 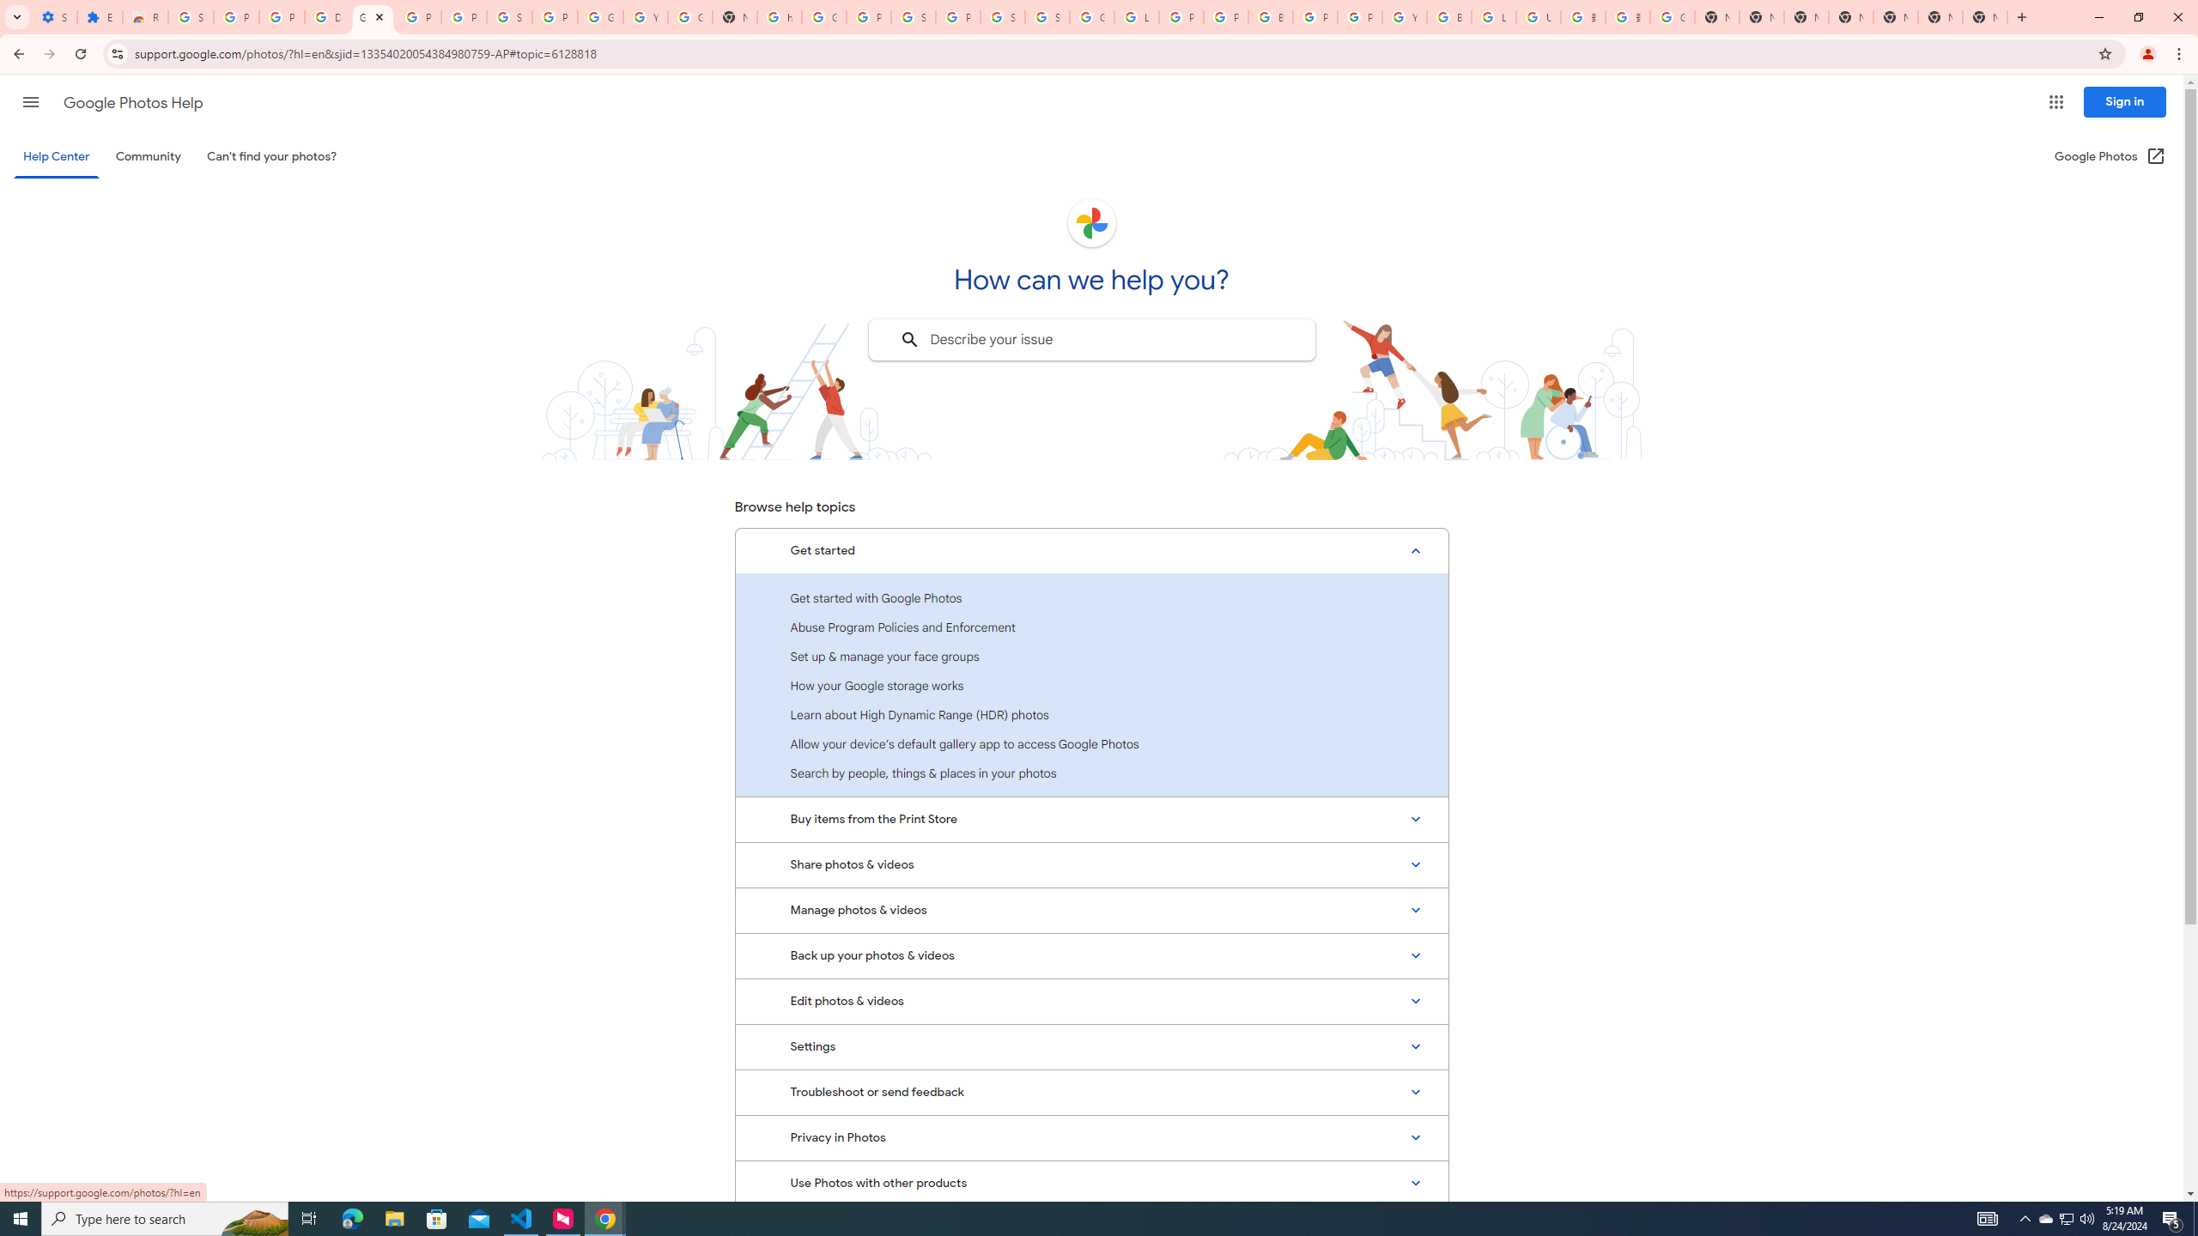 I want to click on 'Privacy Help Center - Policies Help', so click(x=1224, y=16).